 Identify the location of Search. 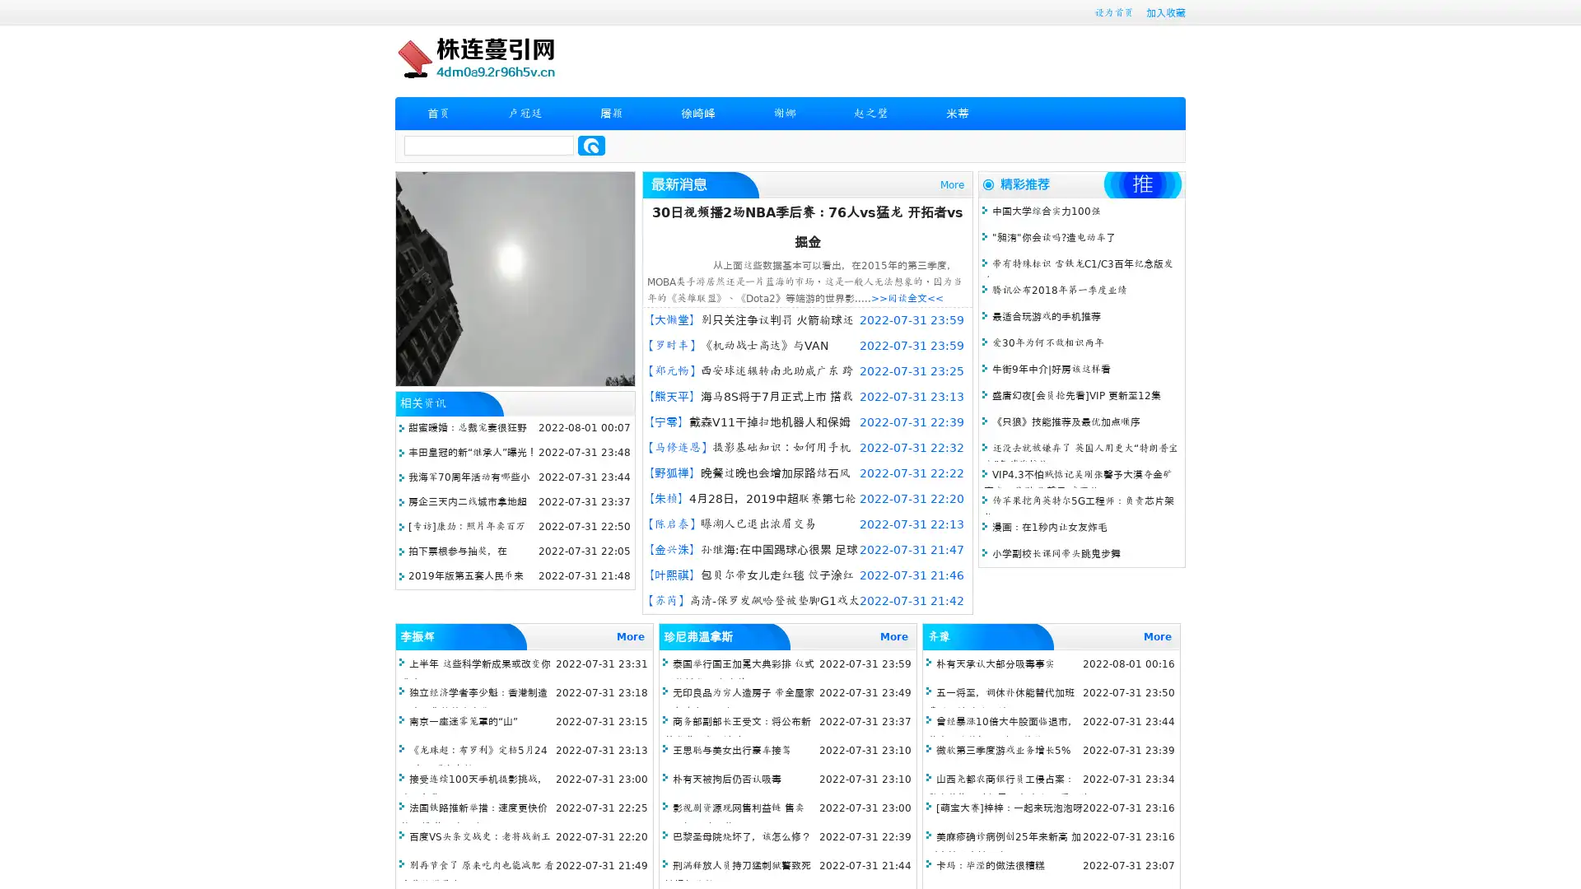
(591, 145).